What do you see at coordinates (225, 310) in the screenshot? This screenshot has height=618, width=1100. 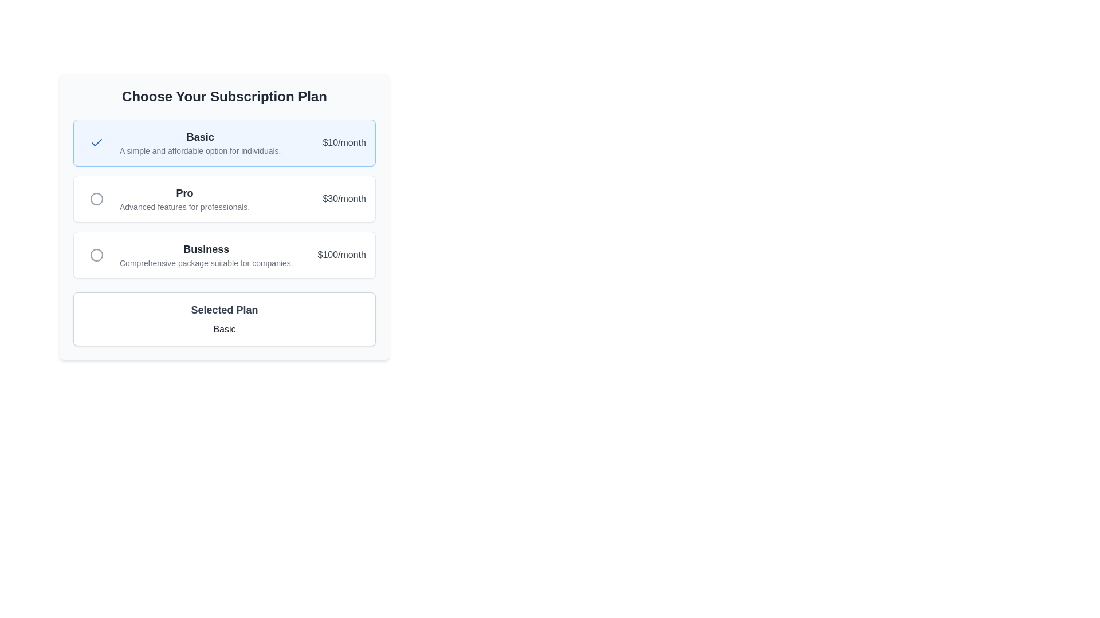 I see `the text label indicating the chosen subscription plan, located above the text 'Basic' within the box labeled 'Selected Plan Basic'` at bounding box center [225, 310].